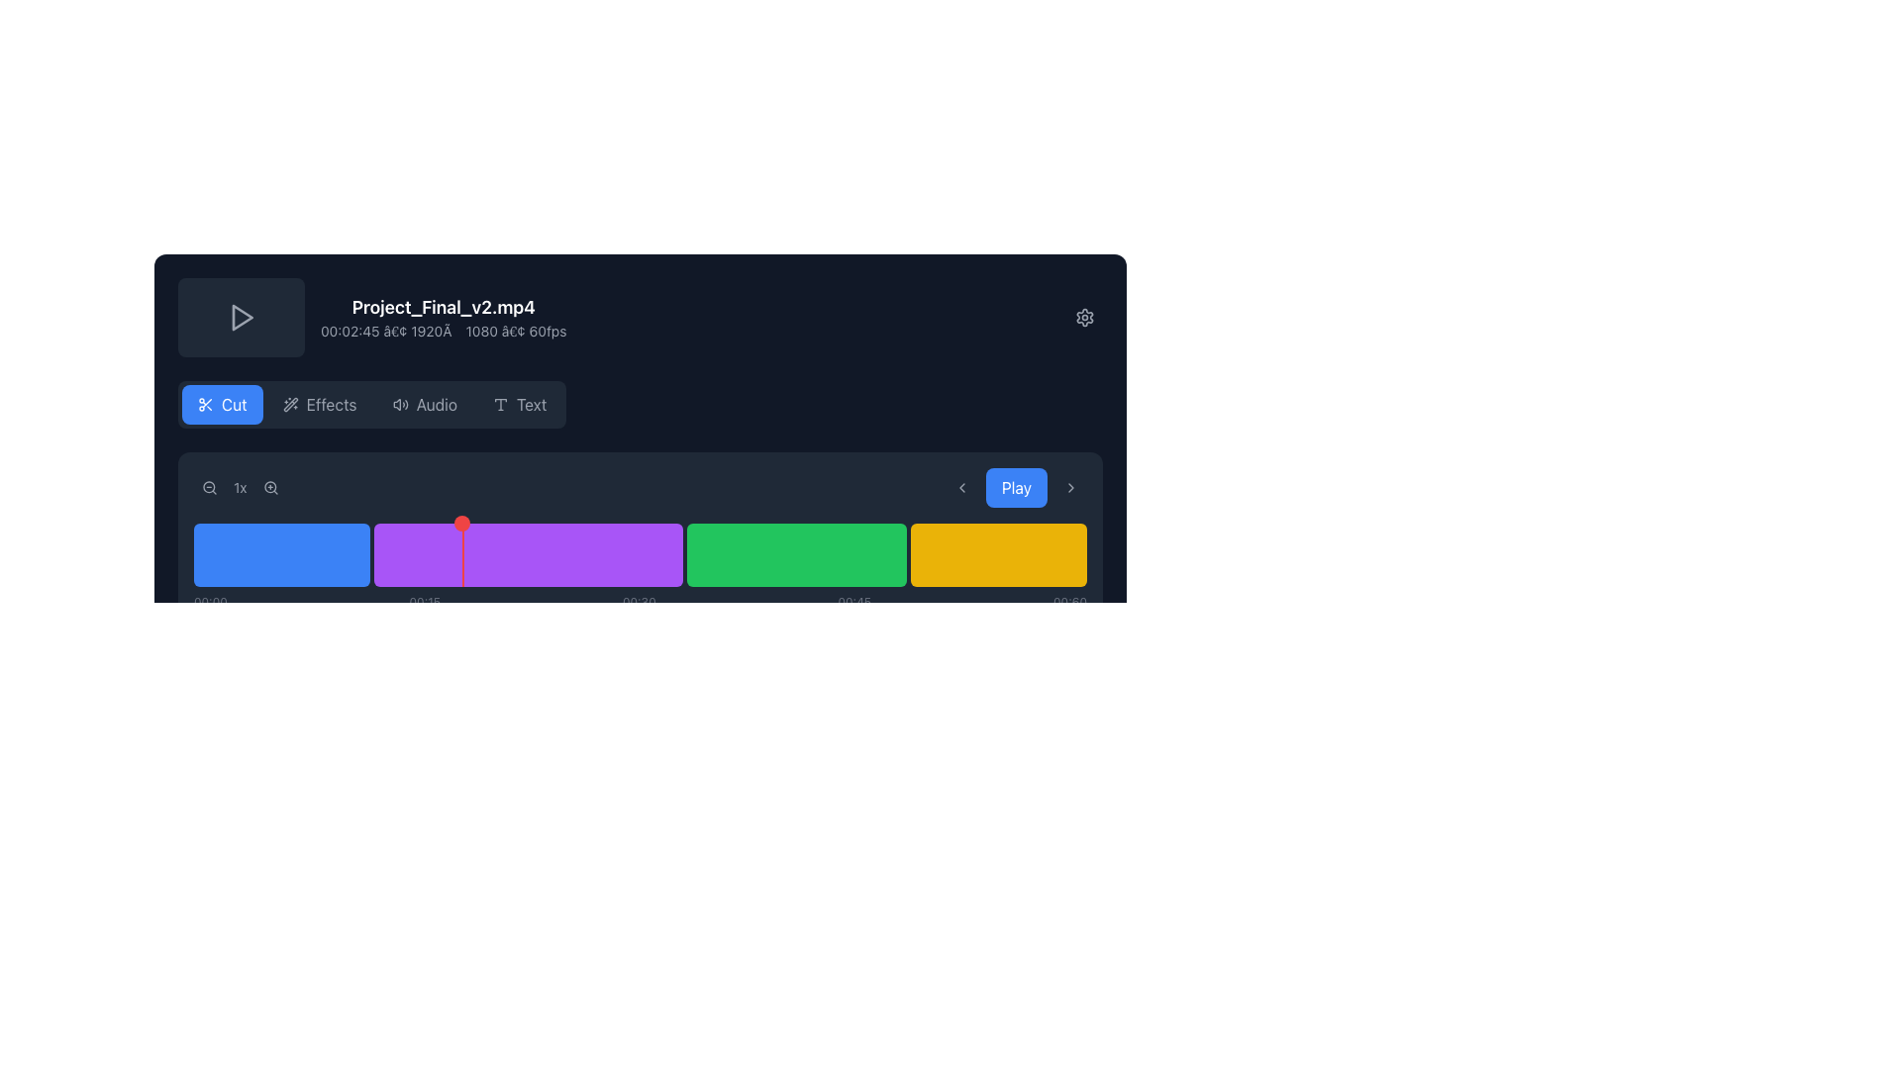  I want to click on the right-pointing arrow icon, which is styled with a thin outline and no fill, located in the upper right side of the interface, adjacent to the blue 'Play' button, so click(1069, 488).